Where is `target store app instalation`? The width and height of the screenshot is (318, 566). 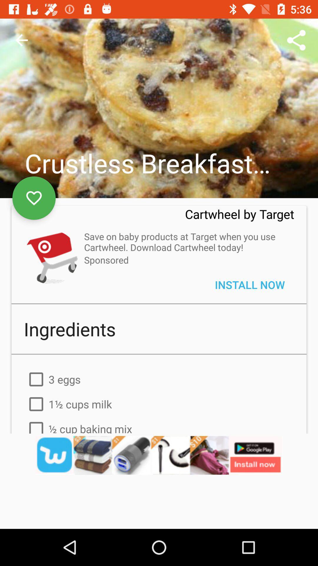
target store app instalation is located at coordinates (50, 257).